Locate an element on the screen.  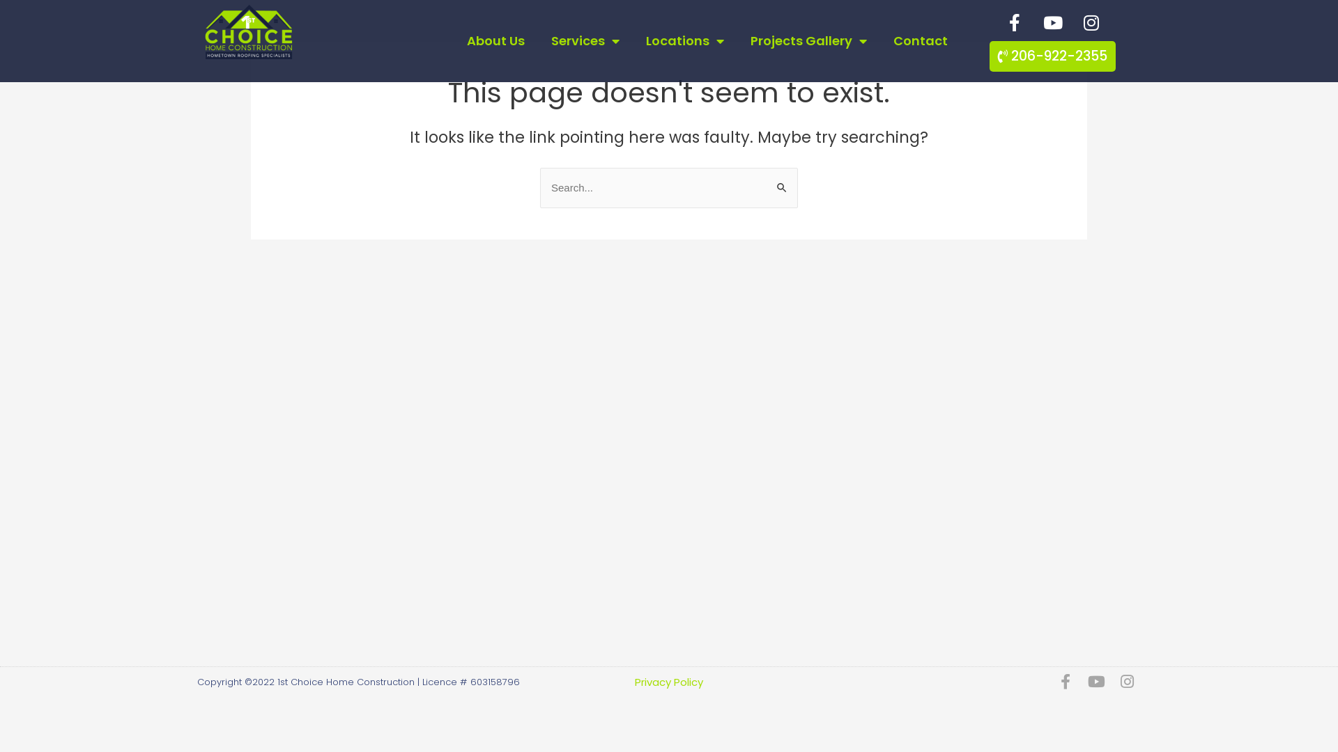
'Privacy Policy' is located at coordinates (634, 680).